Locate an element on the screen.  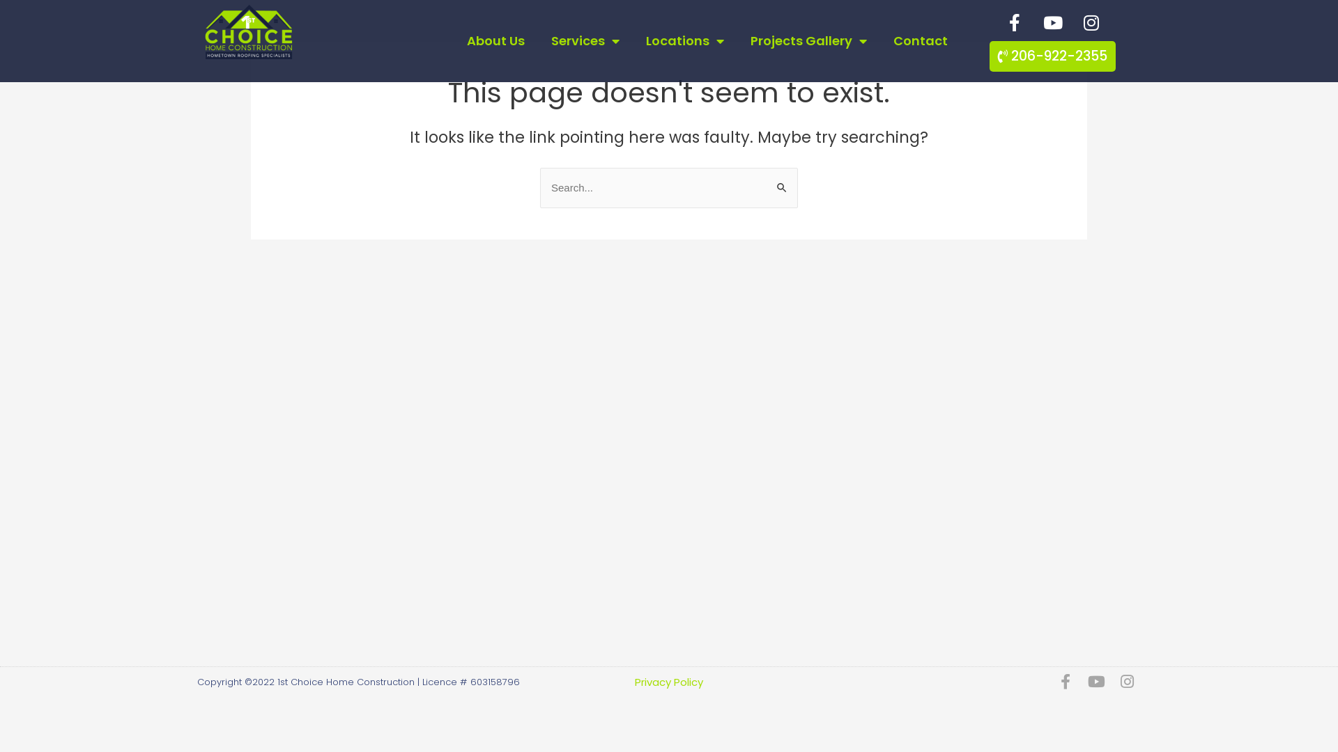
'Privacy Policy' is located at coordinates (634, 680).